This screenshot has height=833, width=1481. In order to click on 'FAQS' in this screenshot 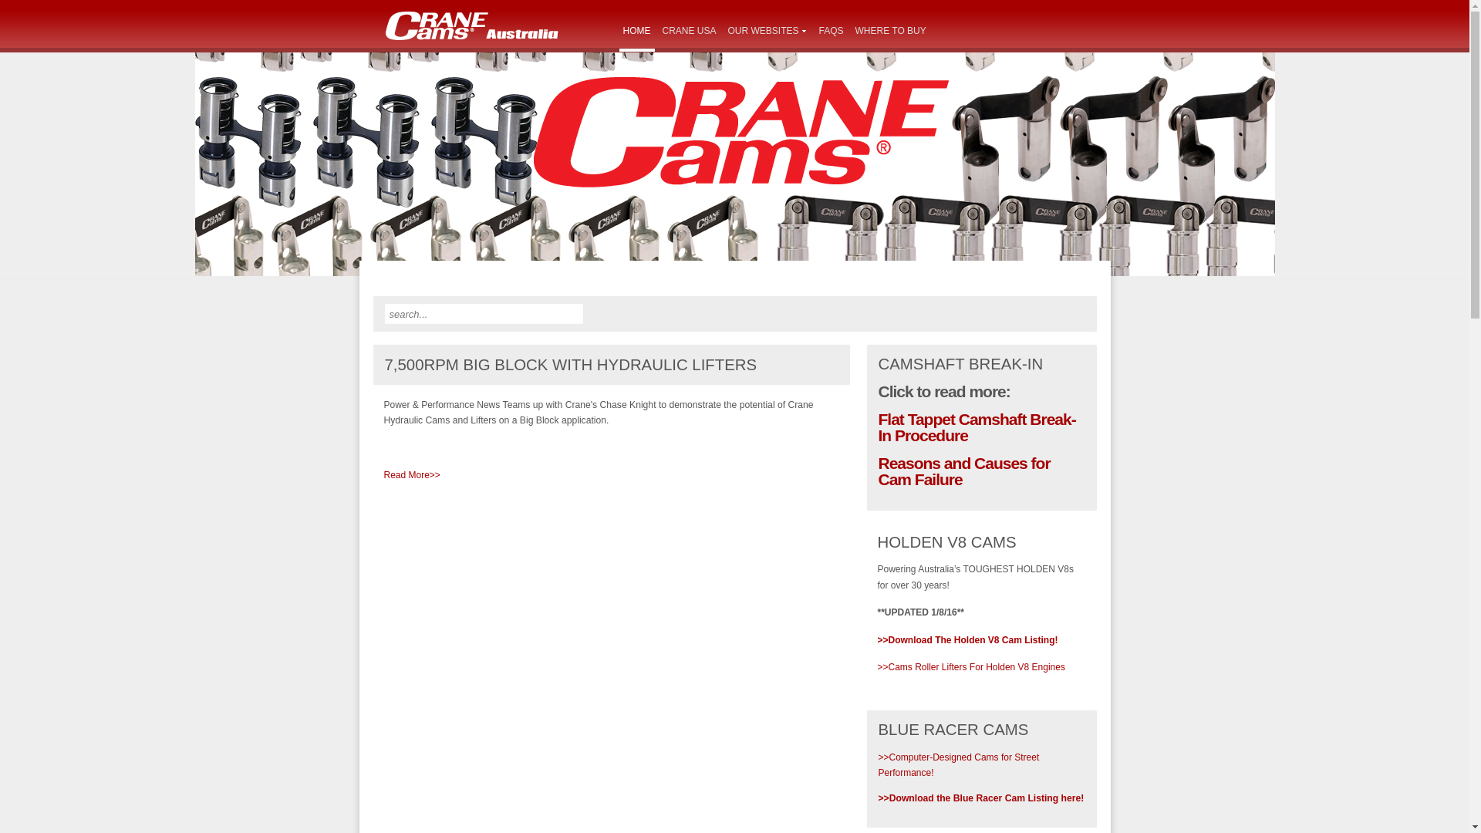, I will do `click(831, 32)`.